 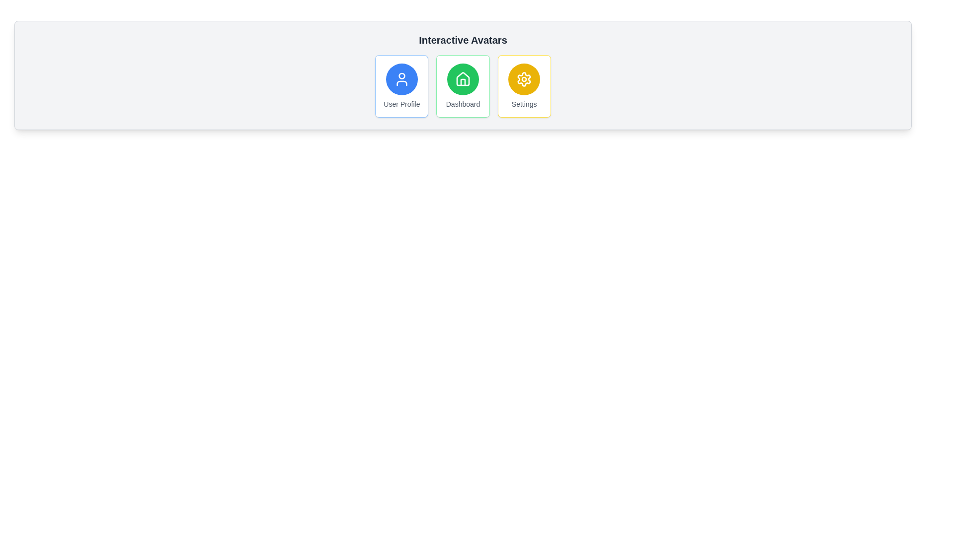 I want to click on text label displaying 'Settings', which is styled with a medium font size and gray color, located below a gear icon in a yellow rounded rectangle, so click(x=524, y=104).